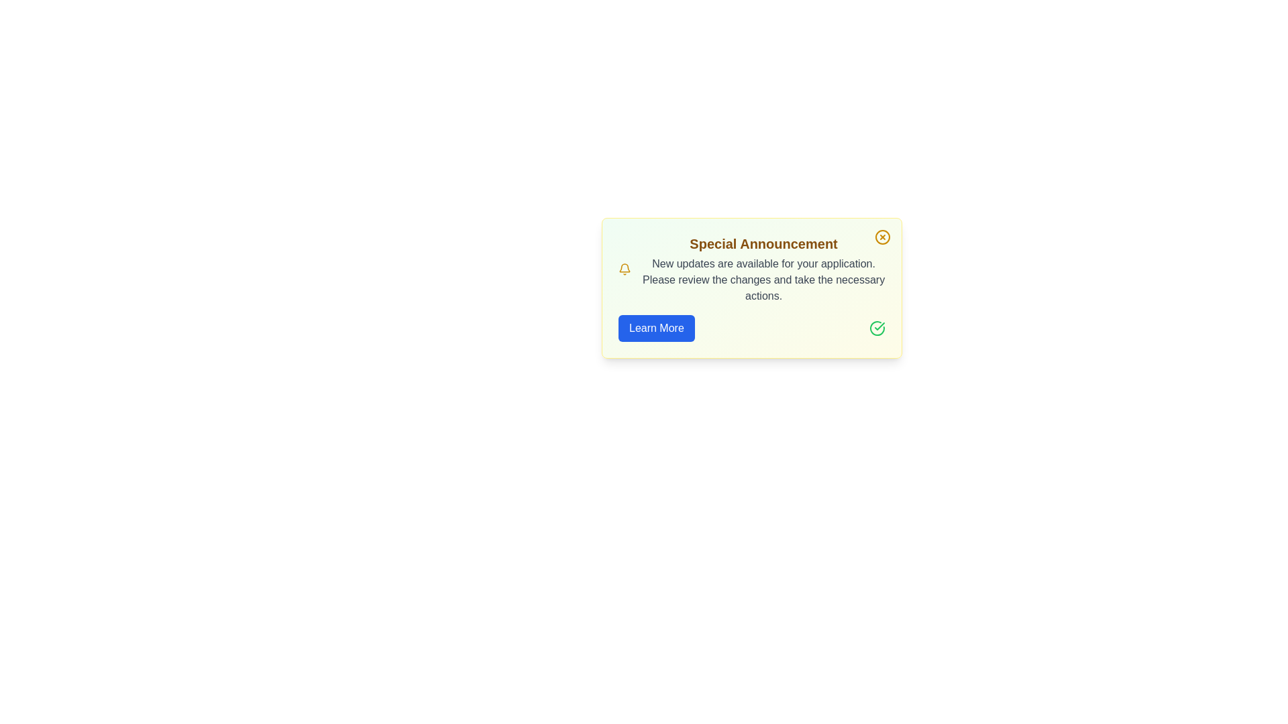 The height and width of the screenshot is (724, 1288). I want to click on 'Learn More' button to proceed with the action, so click(656, 328).